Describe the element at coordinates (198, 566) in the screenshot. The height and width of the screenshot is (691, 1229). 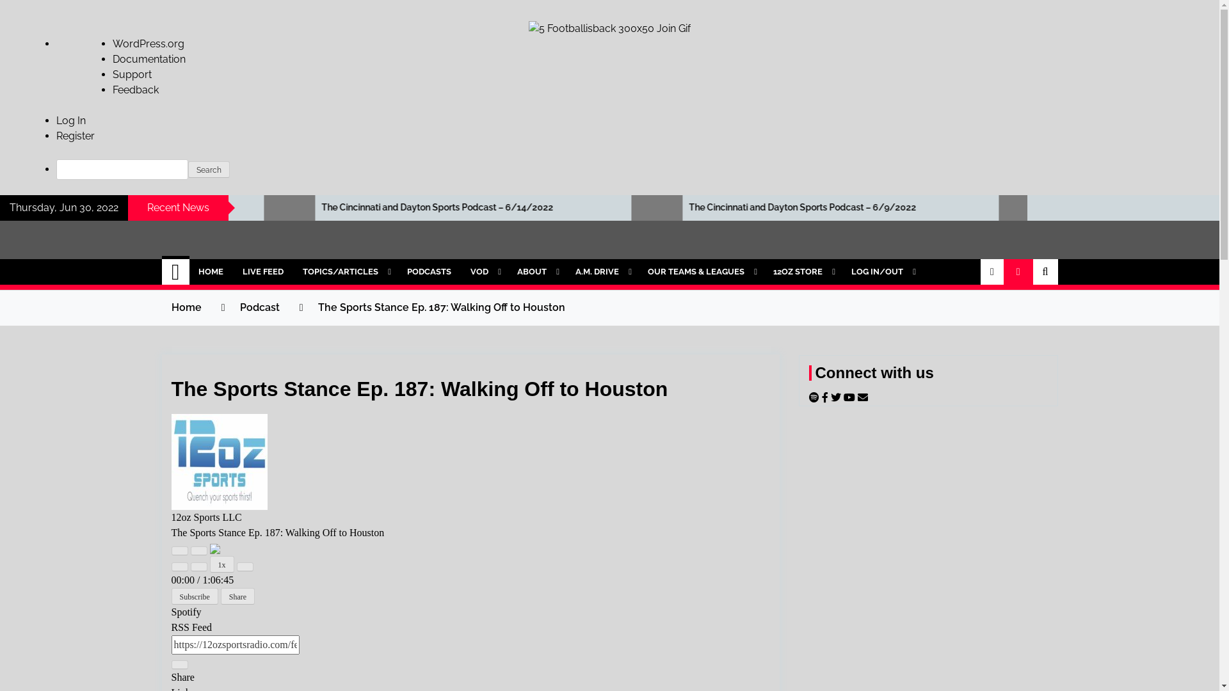
I see `'Rewind 10 Seconds'` at that location.